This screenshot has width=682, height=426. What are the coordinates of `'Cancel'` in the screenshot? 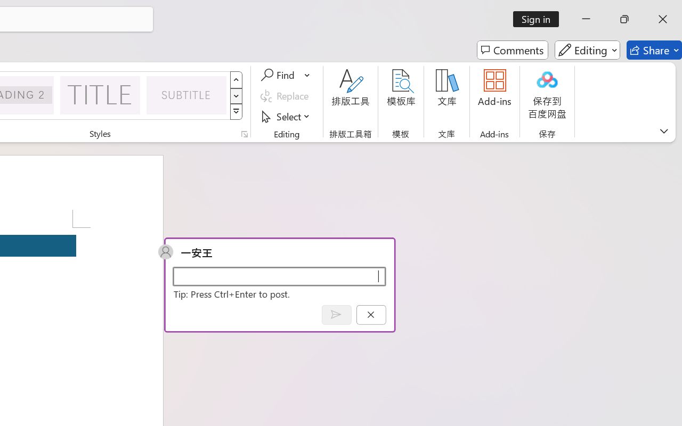 It's located at (371, 314).